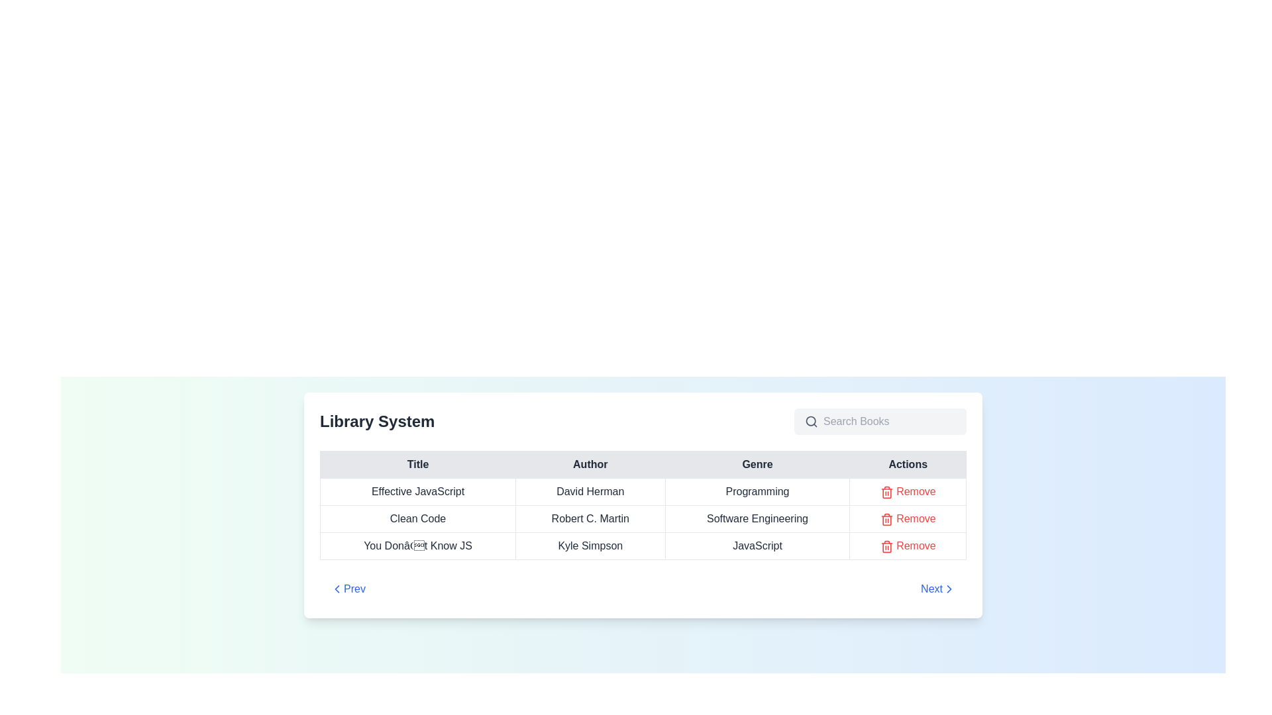 This screenshot has height=715, width=1272. What do you see at coordinates (417, 518) in the screenshot?
I see `text label displaying 'Clean Code' located in the second row of the table under the 'Title' column in the library system interface` at bounding box center [417, 518].